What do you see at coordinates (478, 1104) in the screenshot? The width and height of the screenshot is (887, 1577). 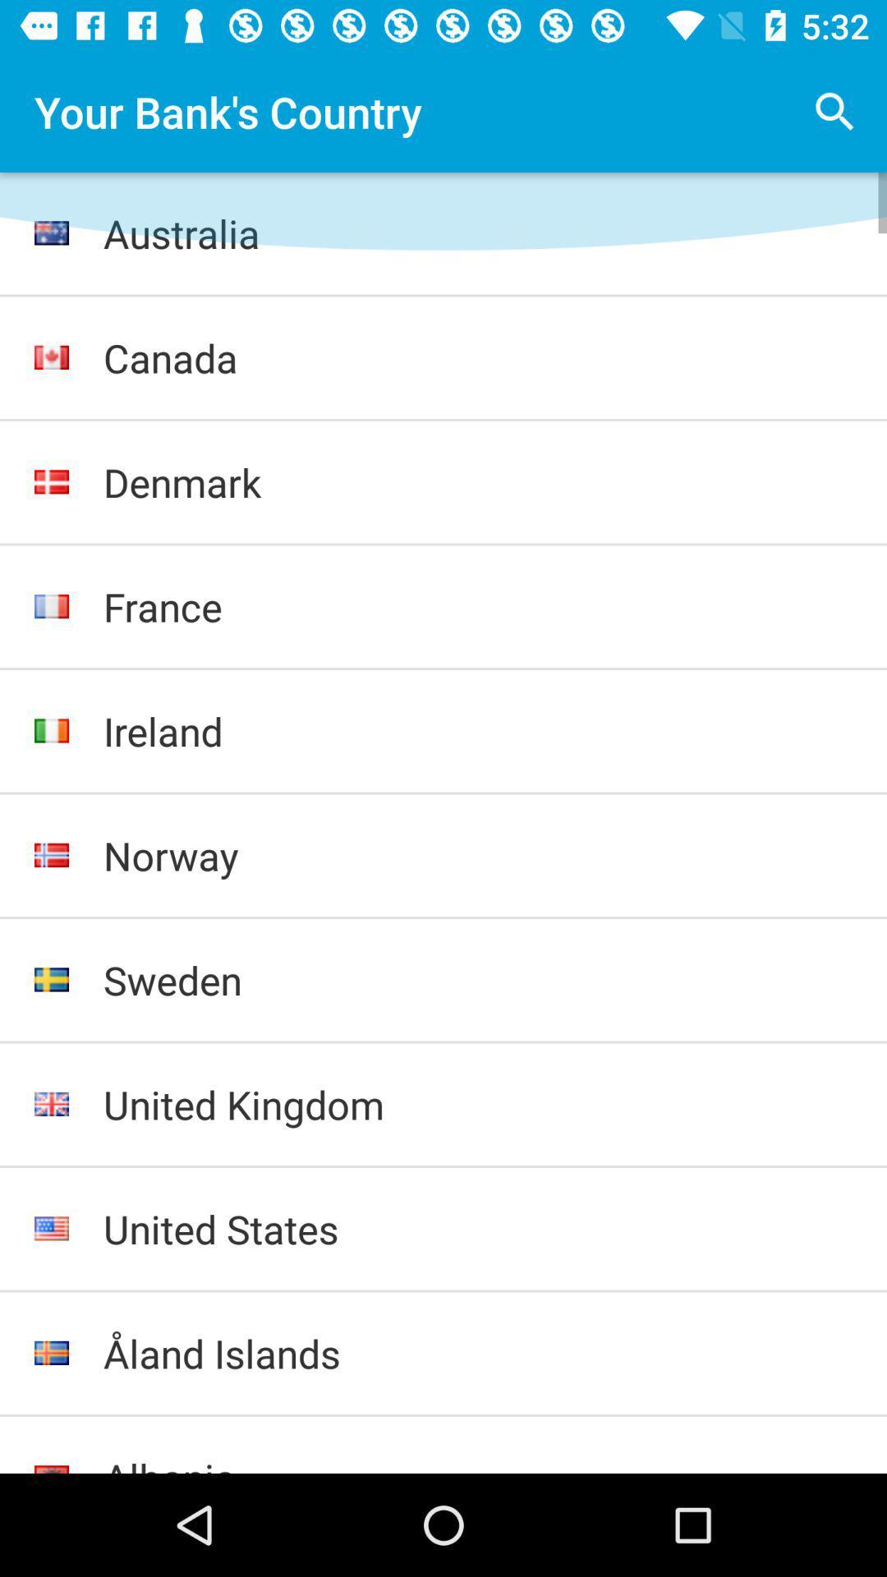 I see `united kingdom` at bounding box center [478, 1104].